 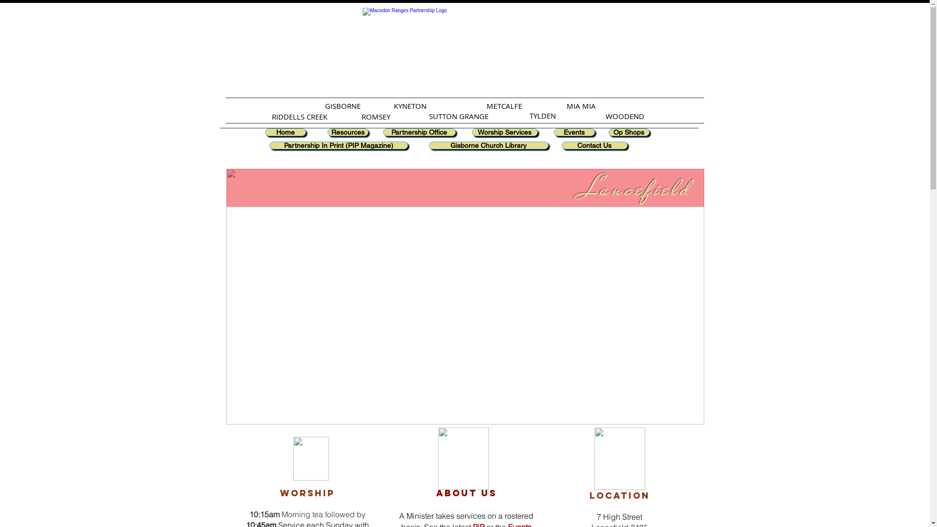 I want to click on 'Home', so click(x=285, y=132).